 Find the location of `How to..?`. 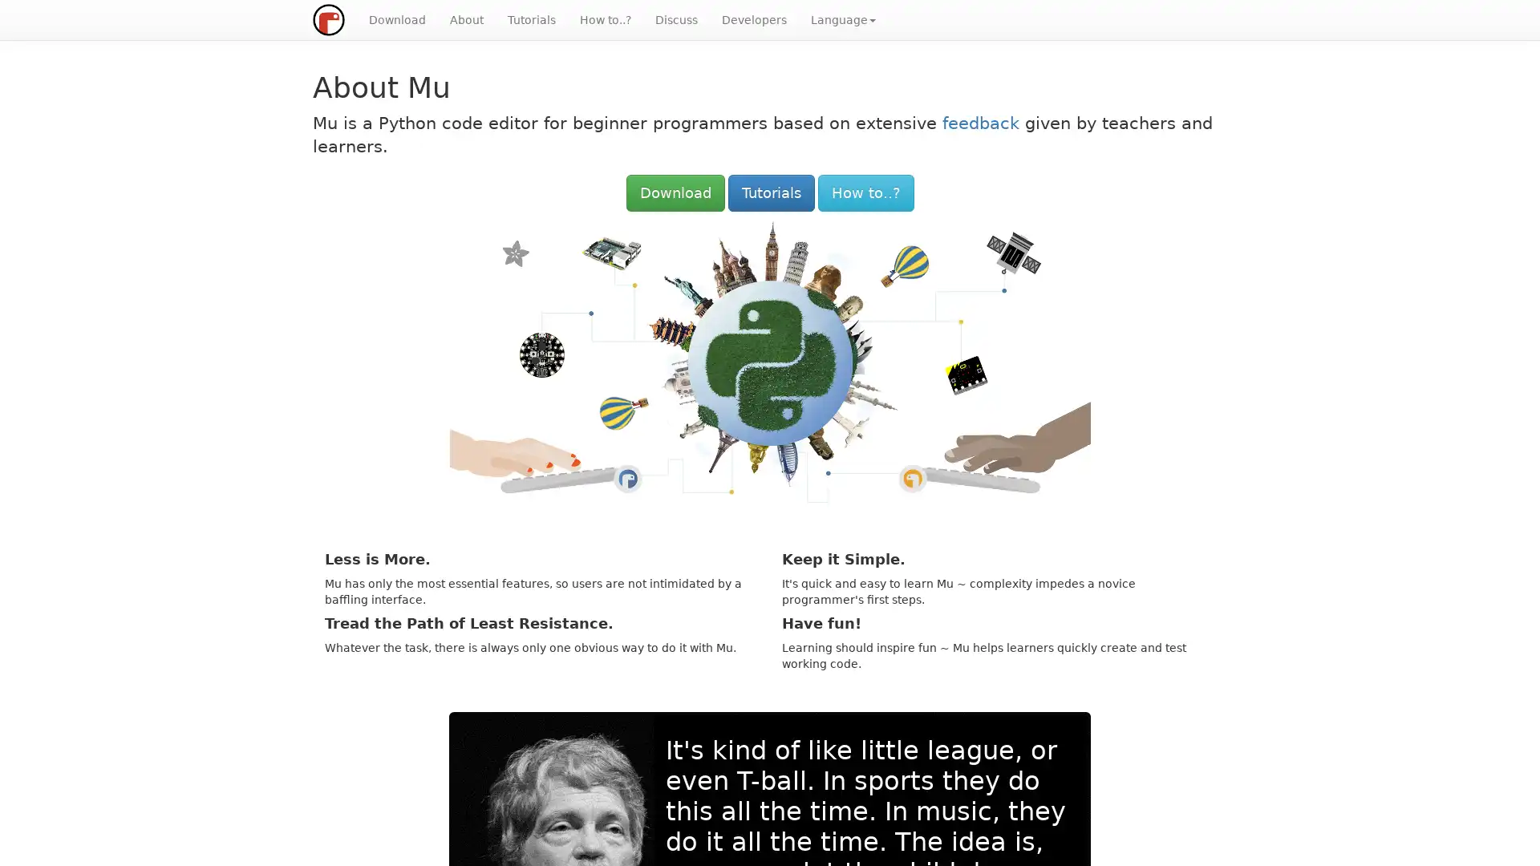

How to..? is located at coordinates (865, 192).